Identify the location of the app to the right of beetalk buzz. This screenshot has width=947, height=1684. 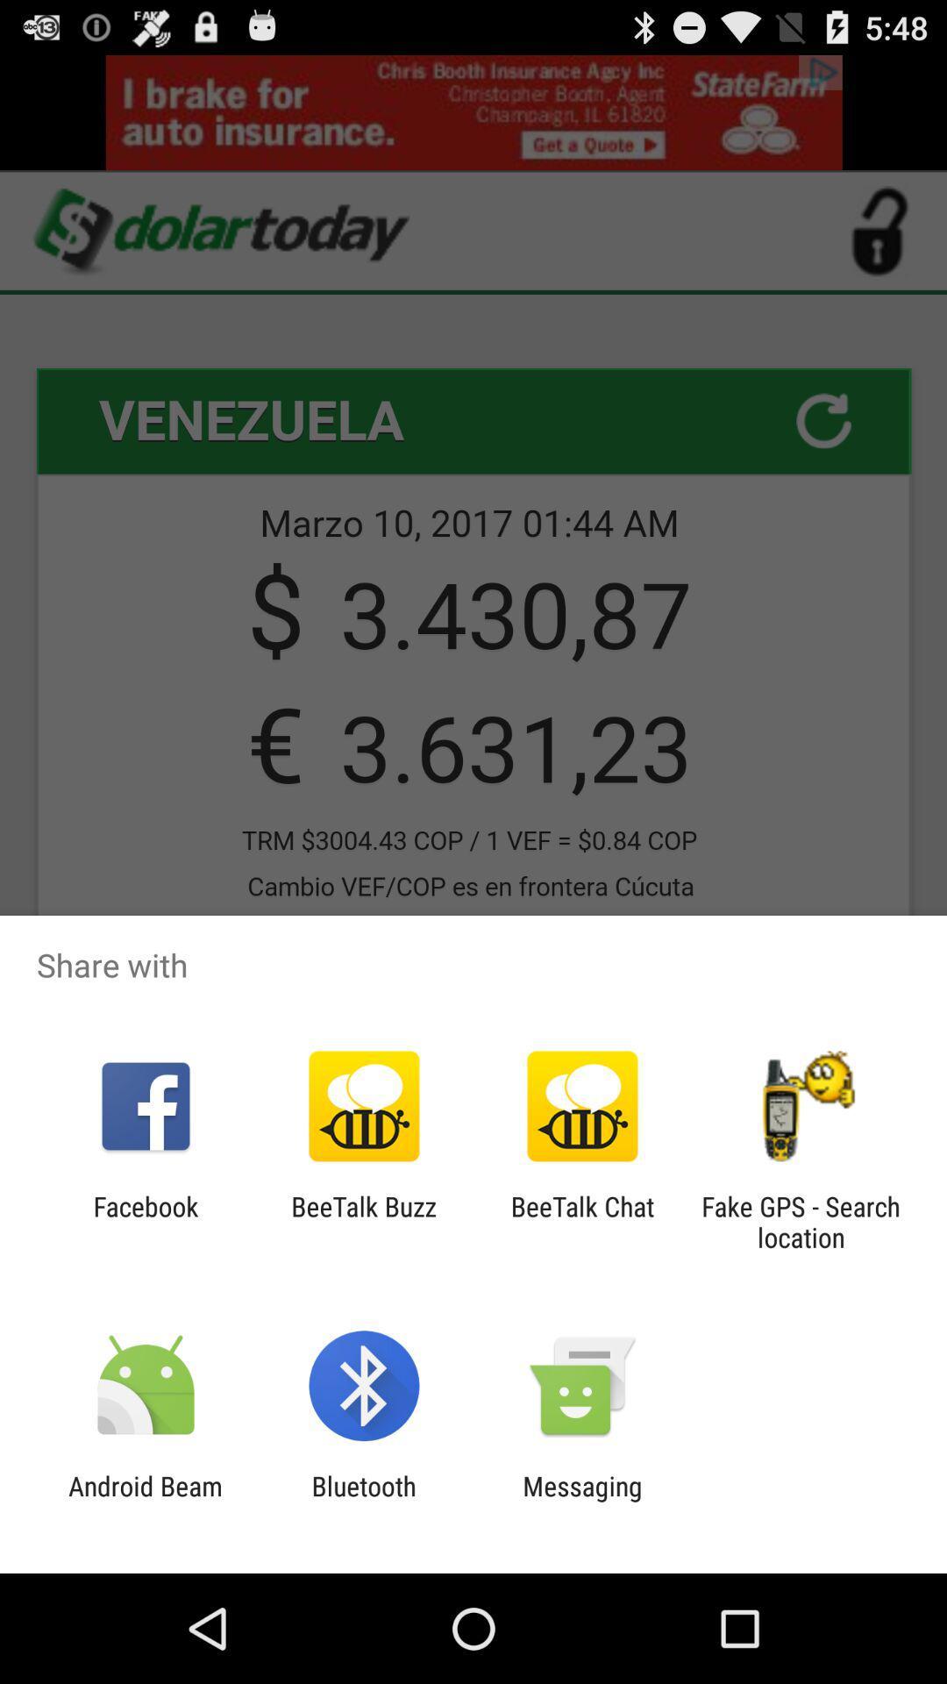
(582, 1221).